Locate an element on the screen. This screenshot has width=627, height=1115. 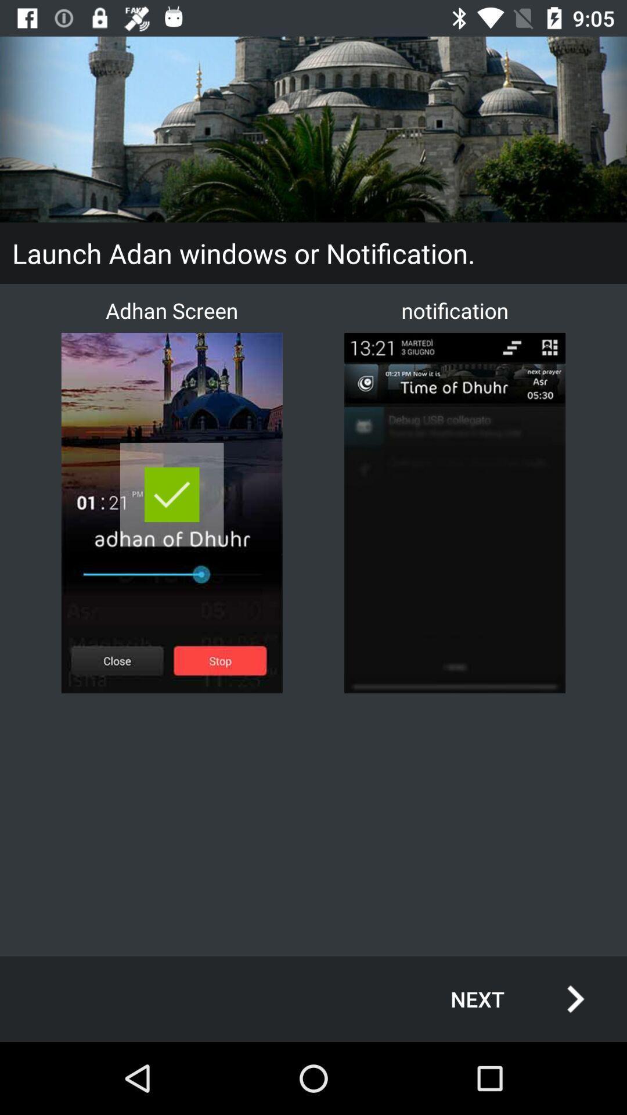
button at the bottom right corner is located at coordinates (505, 998).